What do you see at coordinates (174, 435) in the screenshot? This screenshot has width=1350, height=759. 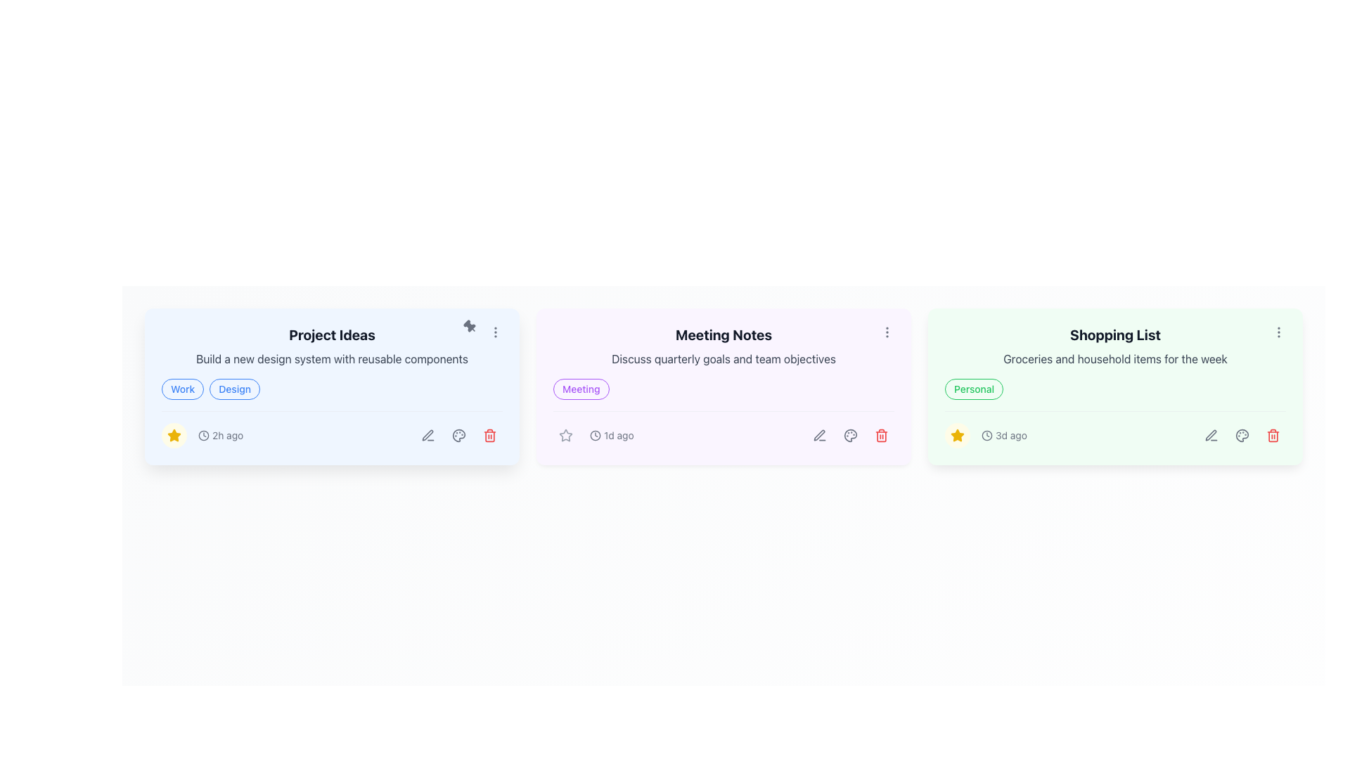 I see `the circular button with a yellow star icon on a pale yellow background located at the bottom left of the 'Project Ideas' card` at bounding box center [174, 435].